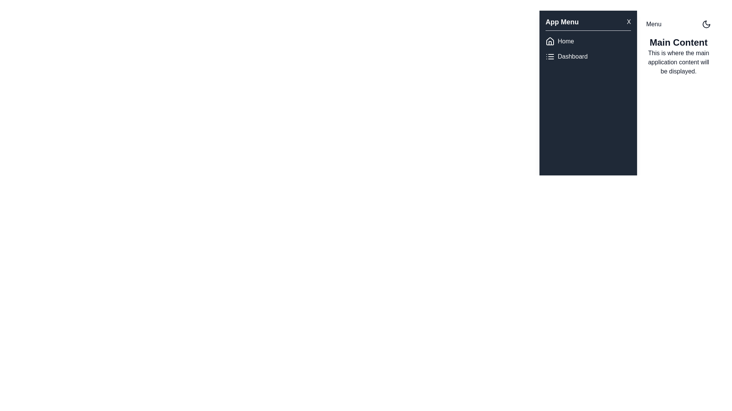 This screenshot has width=732, height=411. I want to click on the crescent moon icon in the top-right corner of the interface, so click(706, 24).